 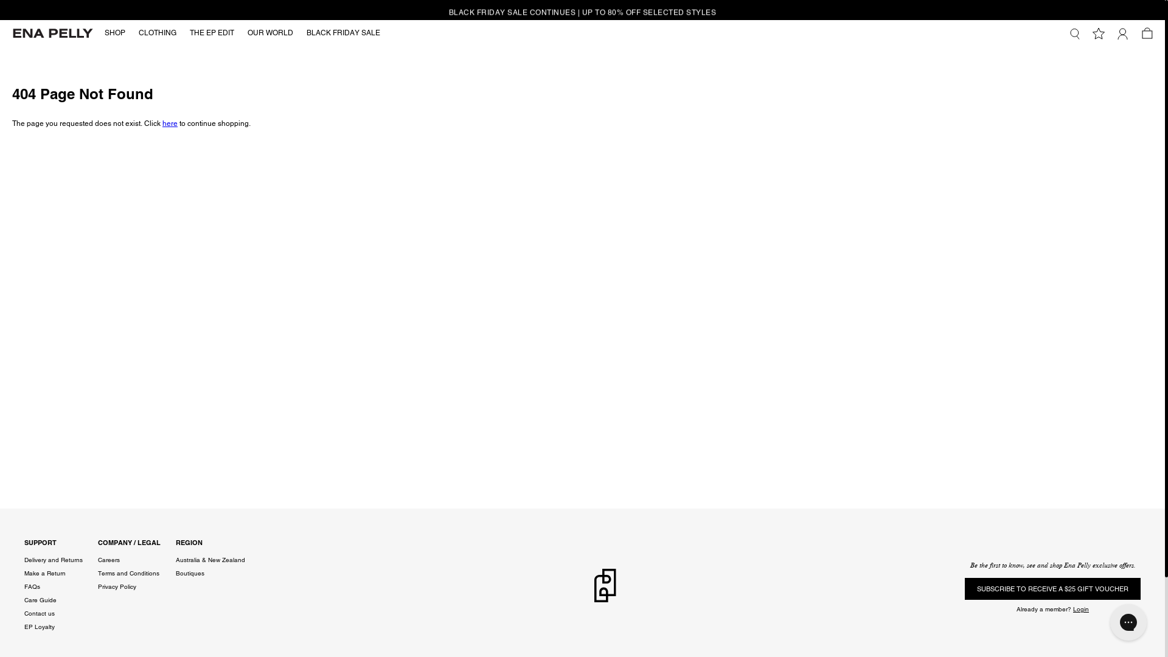 I want to click on 'Careers', so click(x=108, y=560).